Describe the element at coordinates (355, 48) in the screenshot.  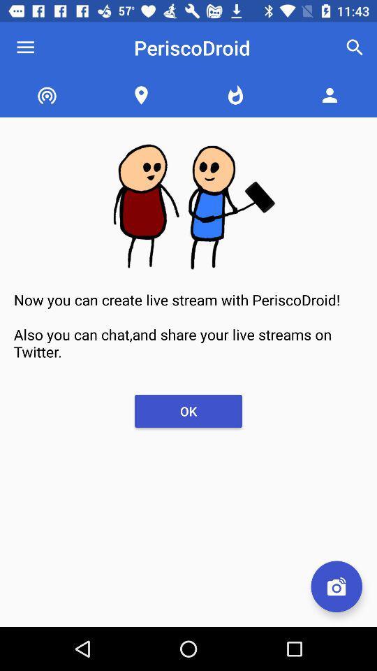
I see `item to the right of the periscodroid icon` at that location.